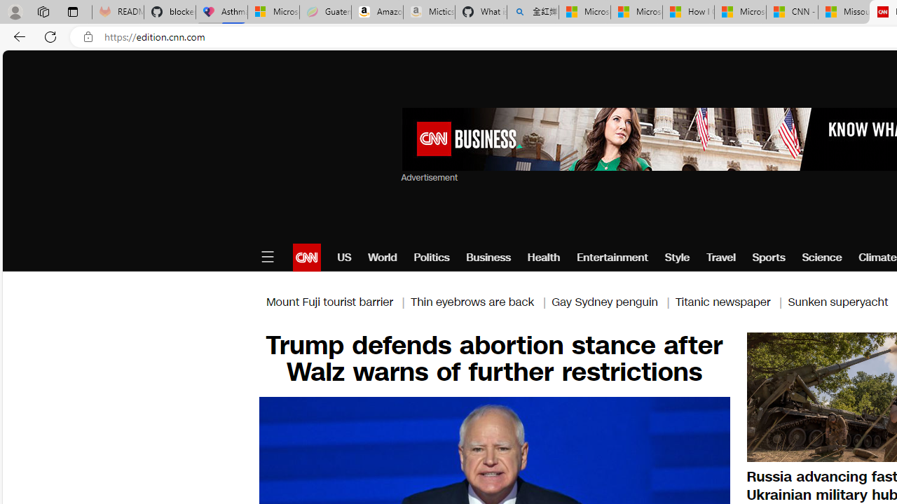  Describe the element at coordinates (767, 257) in the screenshot. I see `'Sports'` at that location.